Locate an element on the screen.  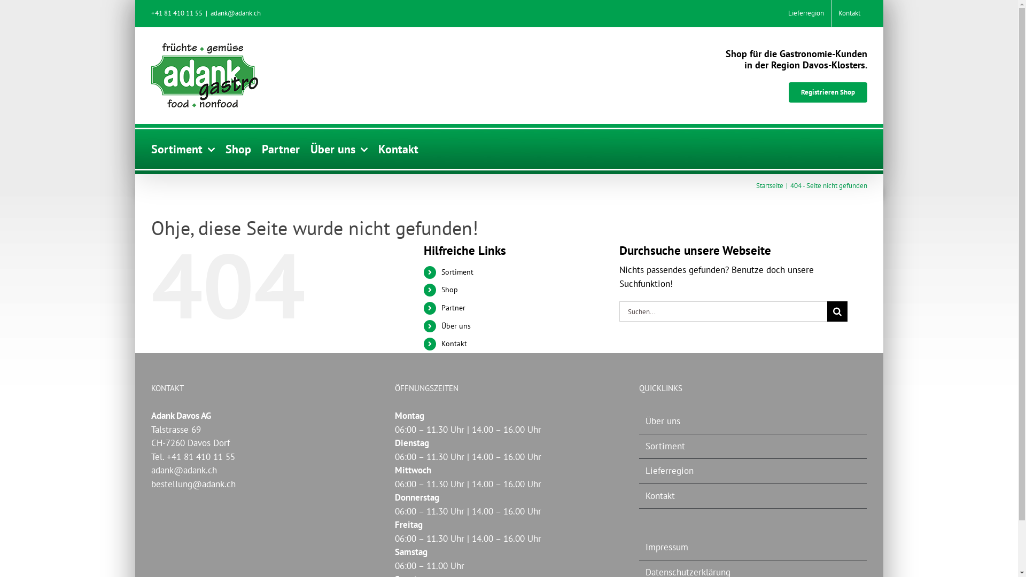
'adank@adank.ch' is located at coordinates (150, 469).